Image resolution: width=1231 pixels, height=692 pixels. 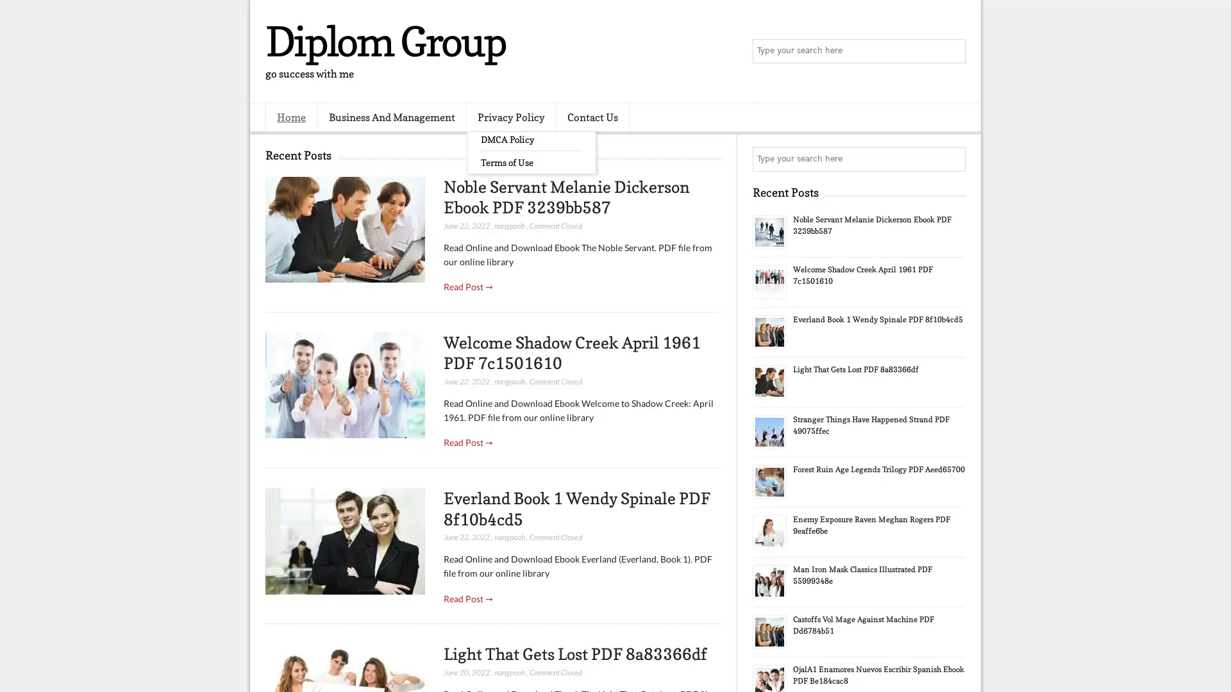 I want to click on Search, so click(x=952, y=51).